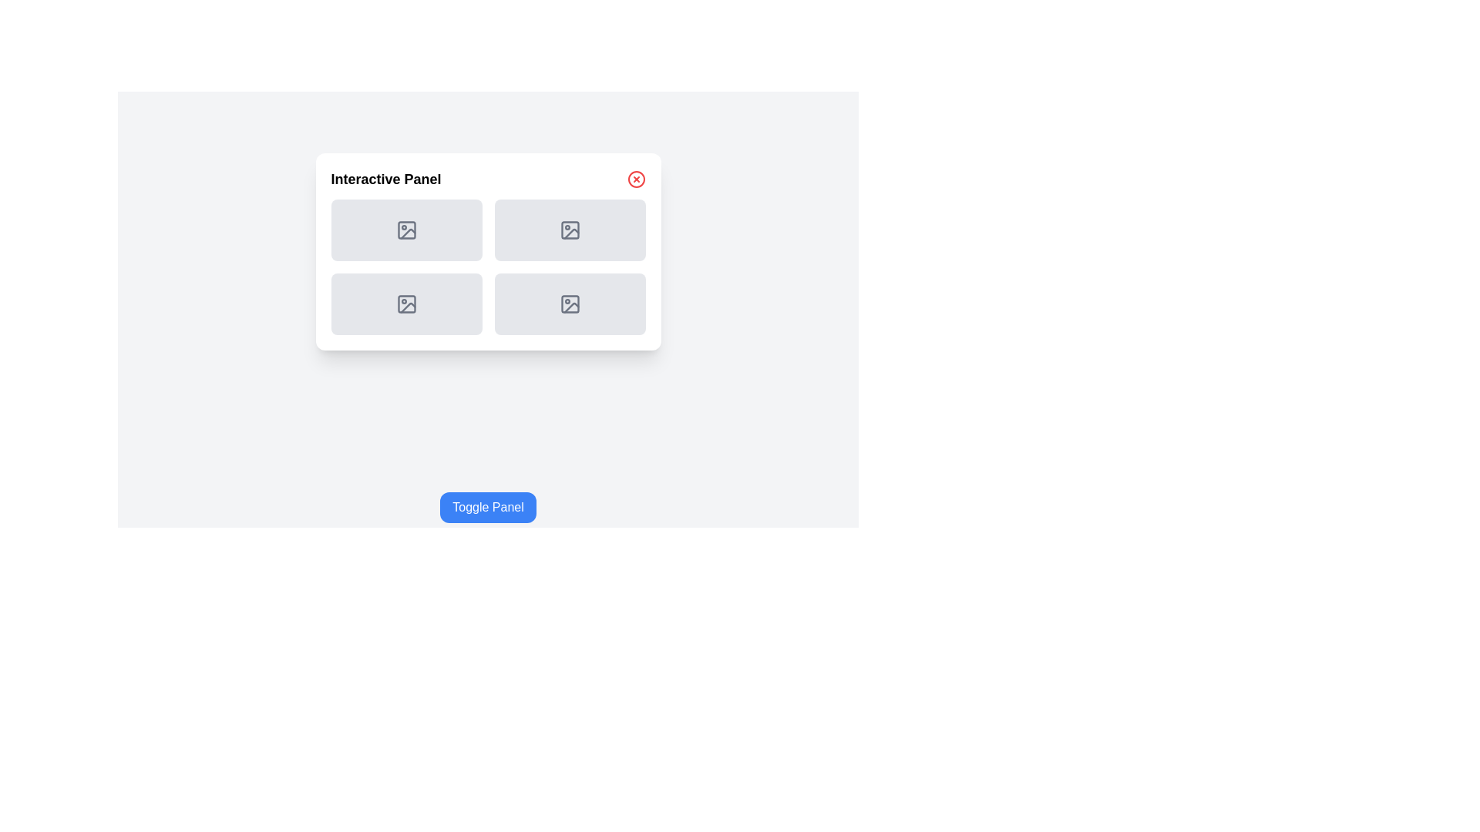 This screenshot has height=832, width=1480. Describe the element at coordinates (569, 230) in the screenshot. I see `the gray icon with a thin border located in the second column of the top row within a grid of four icons` at that location.